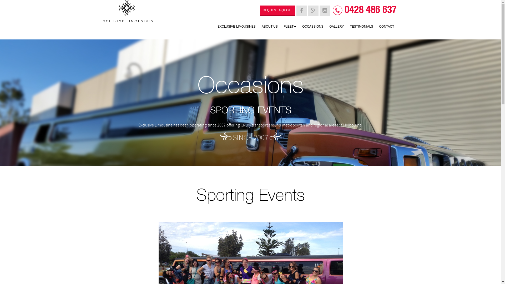 The width and height of the screenshot is (505, 284). What do you see at coordinates (370, 10) in the screenshot?
I see `'0428 486 637'` at bounding box center [370, 10].